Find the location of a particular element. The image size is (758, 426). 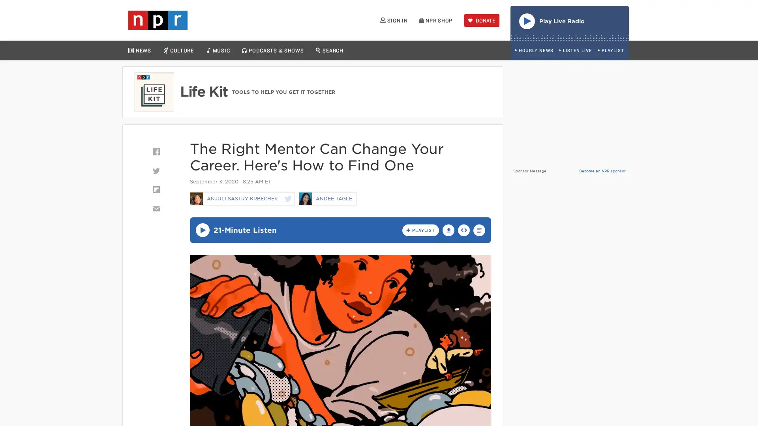

Embed is located at coordinates (464, 230).